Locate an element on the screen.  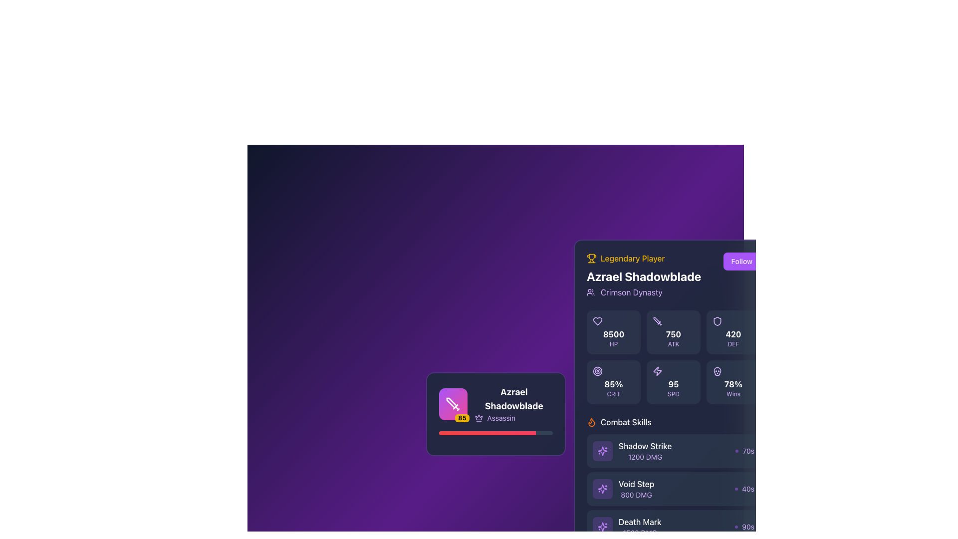
the critical hit or accuracy stat icon located centrally in the skill display section, adjacent to other stat icons as the second element in the group is located at coordinates (597, 371).